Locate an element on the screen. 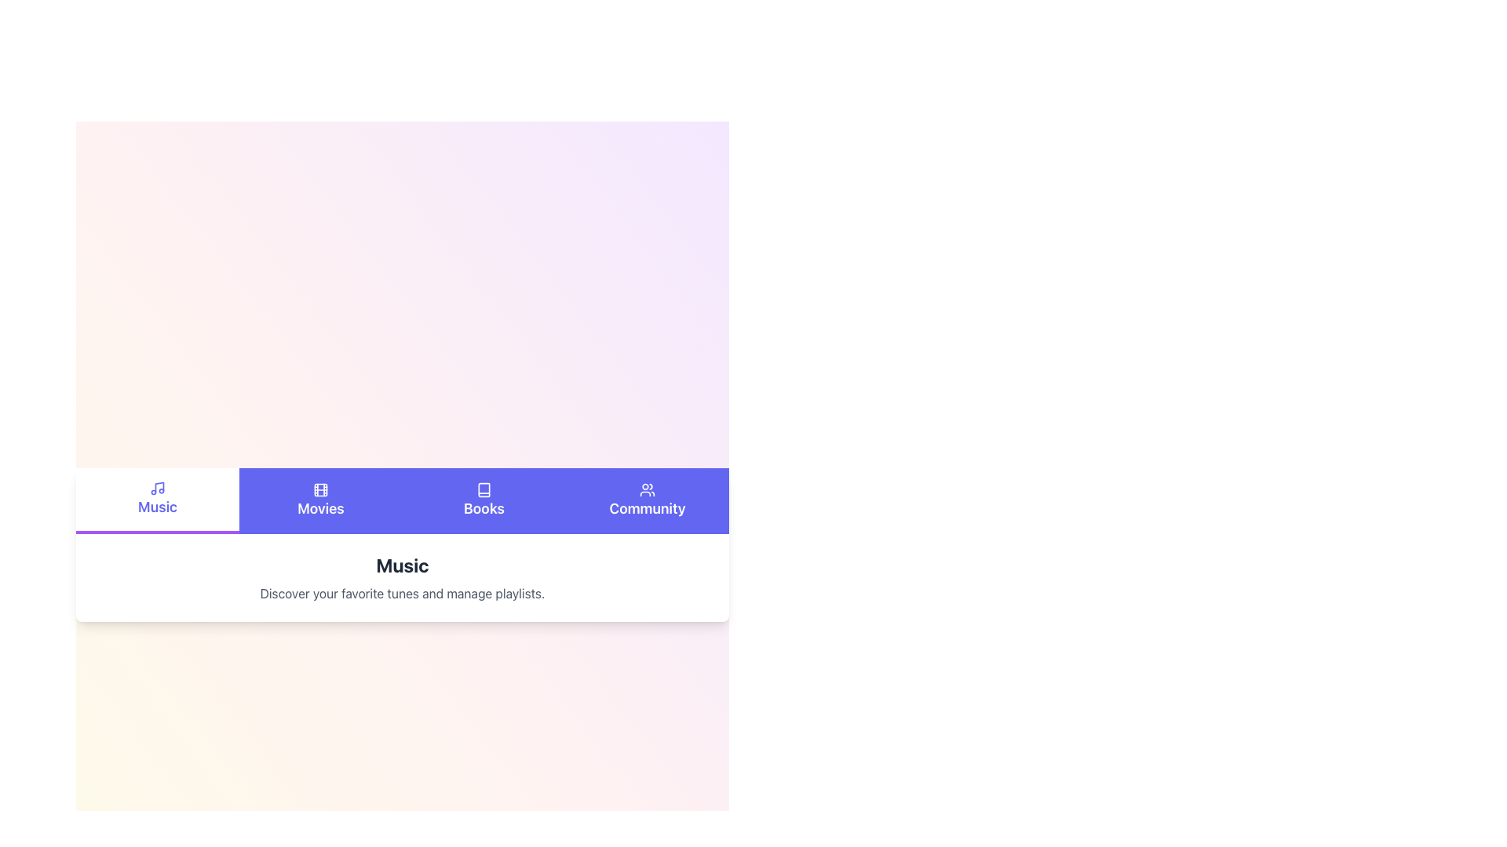 The height and width of the screenshot is (847, 1507). informational banner titled 'Music' which includes the description 'Discover your favorite tunes and manage playlists.' This banner is located below the navigation bar and is center-aligned is located at coordinates (403, 577).